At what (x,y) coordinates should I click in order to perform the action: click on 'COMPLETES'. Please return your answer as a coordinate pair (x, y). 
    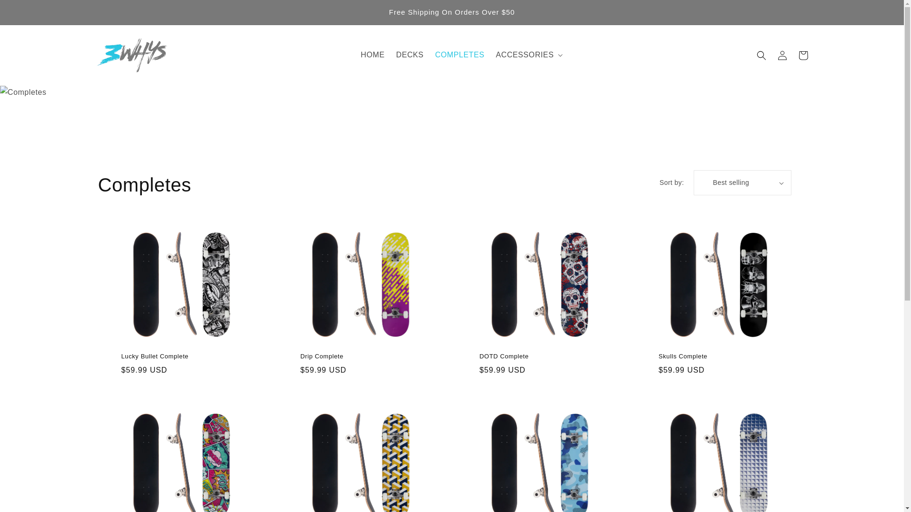
    Looking at the image, I should click on (460, 55).